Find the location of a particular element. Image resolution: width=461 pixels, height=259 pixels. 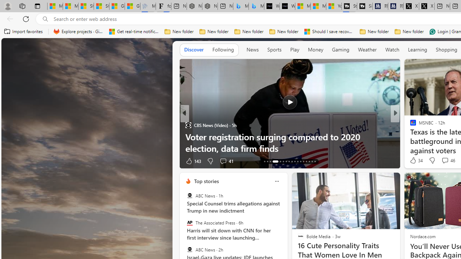

'94 Like' is located at coordinates (414, 160).